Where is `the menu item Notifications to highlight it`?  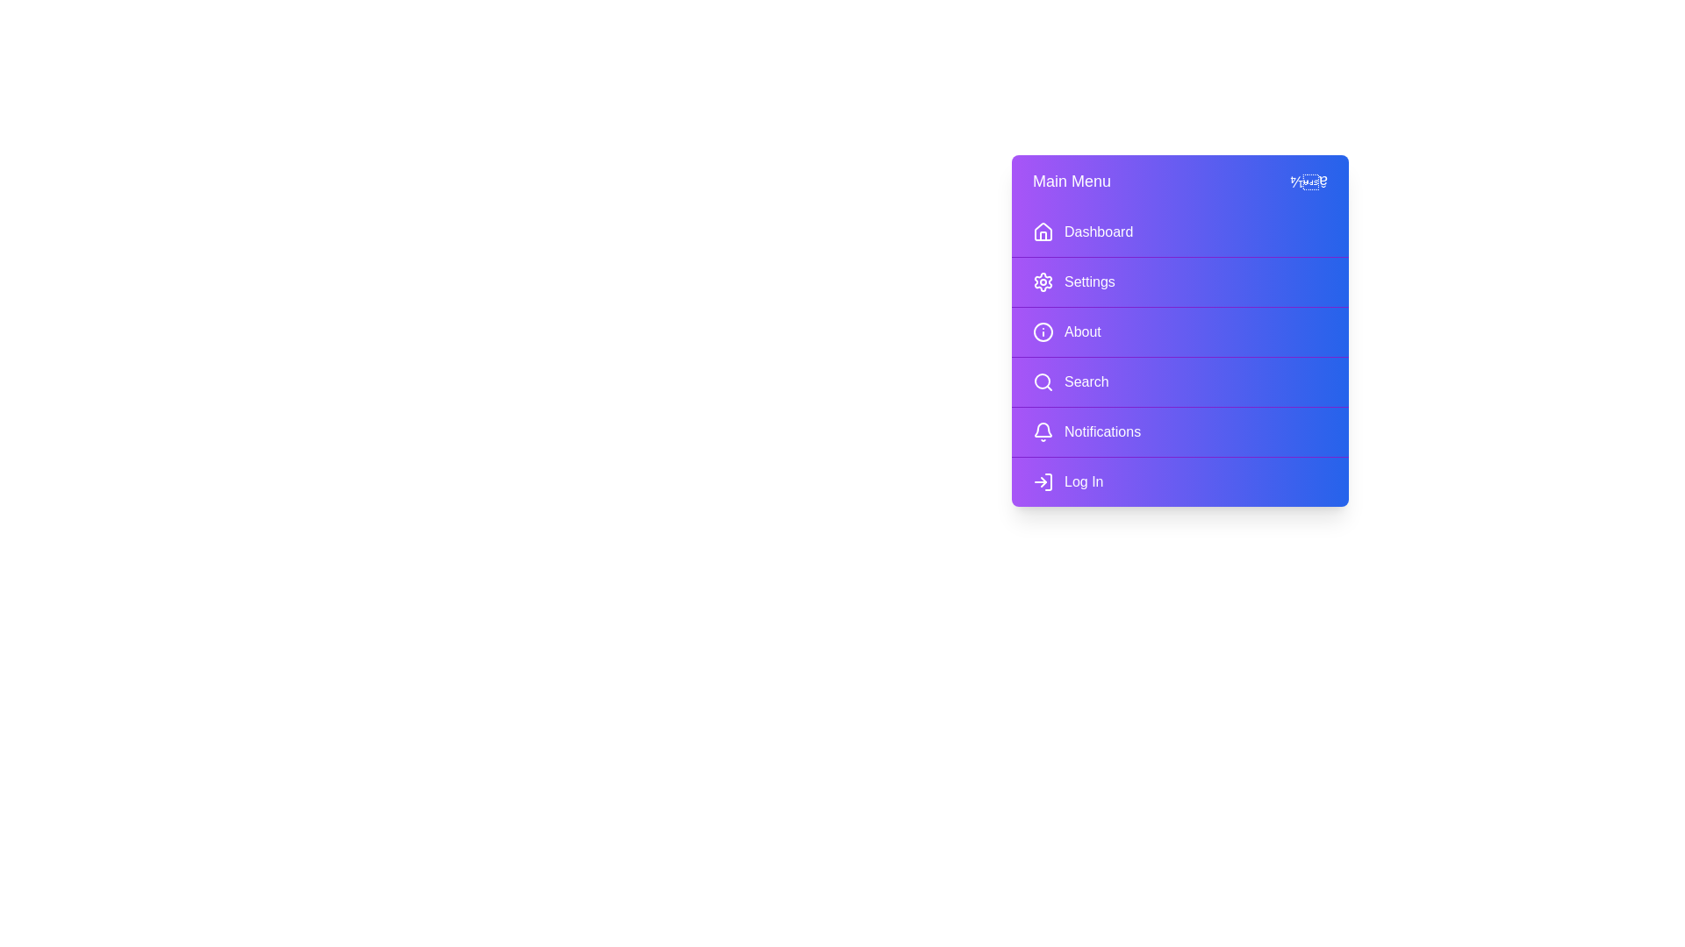
the menu item Notifications to highlight it is located at coordinates (1179, 431).